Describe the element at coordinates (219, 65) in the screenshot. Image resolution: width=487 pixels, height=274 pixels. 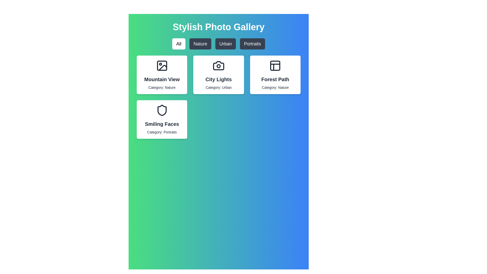
I see `the camera icon located at the top-center of the 'City Lights' card, which features a monochromatic dark line art design` at that location.